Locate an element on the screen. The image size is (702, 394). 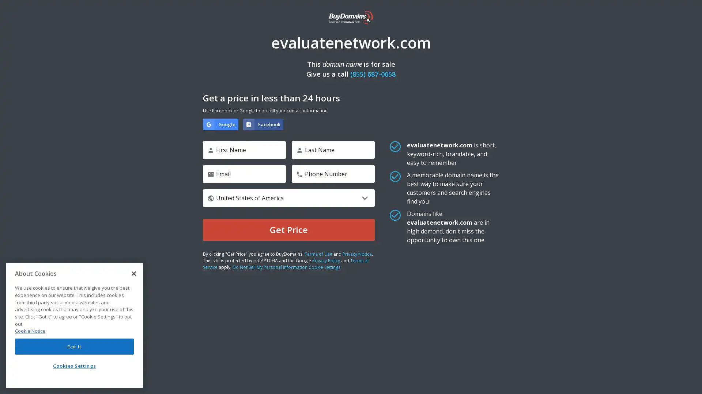
Google is located at coordinates (220, 124).